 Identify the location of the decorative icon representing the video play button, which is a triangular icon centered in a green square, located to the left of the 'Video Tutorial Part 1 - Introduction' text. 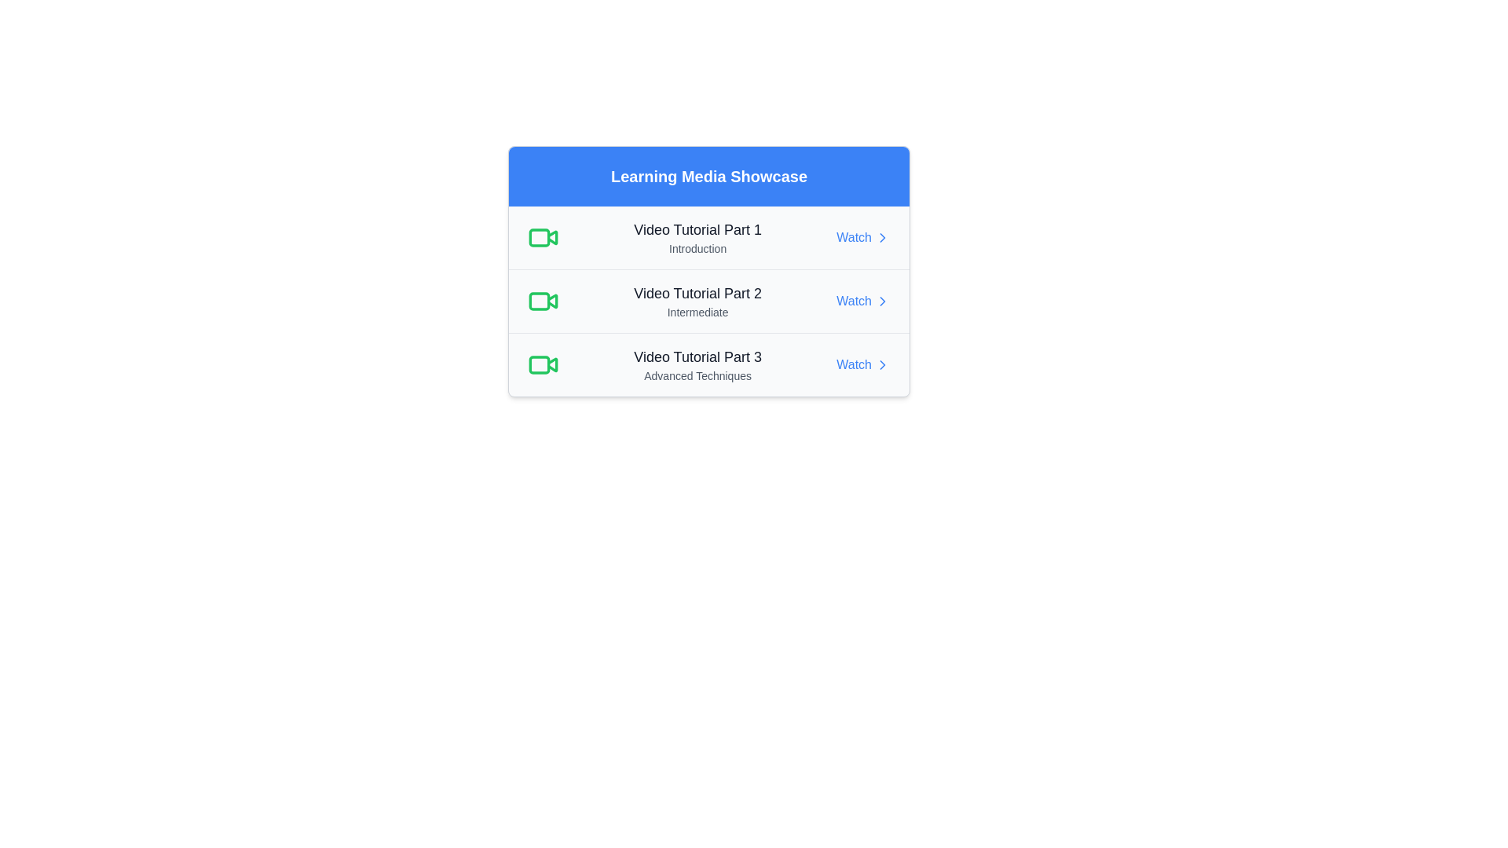
(552, 237).